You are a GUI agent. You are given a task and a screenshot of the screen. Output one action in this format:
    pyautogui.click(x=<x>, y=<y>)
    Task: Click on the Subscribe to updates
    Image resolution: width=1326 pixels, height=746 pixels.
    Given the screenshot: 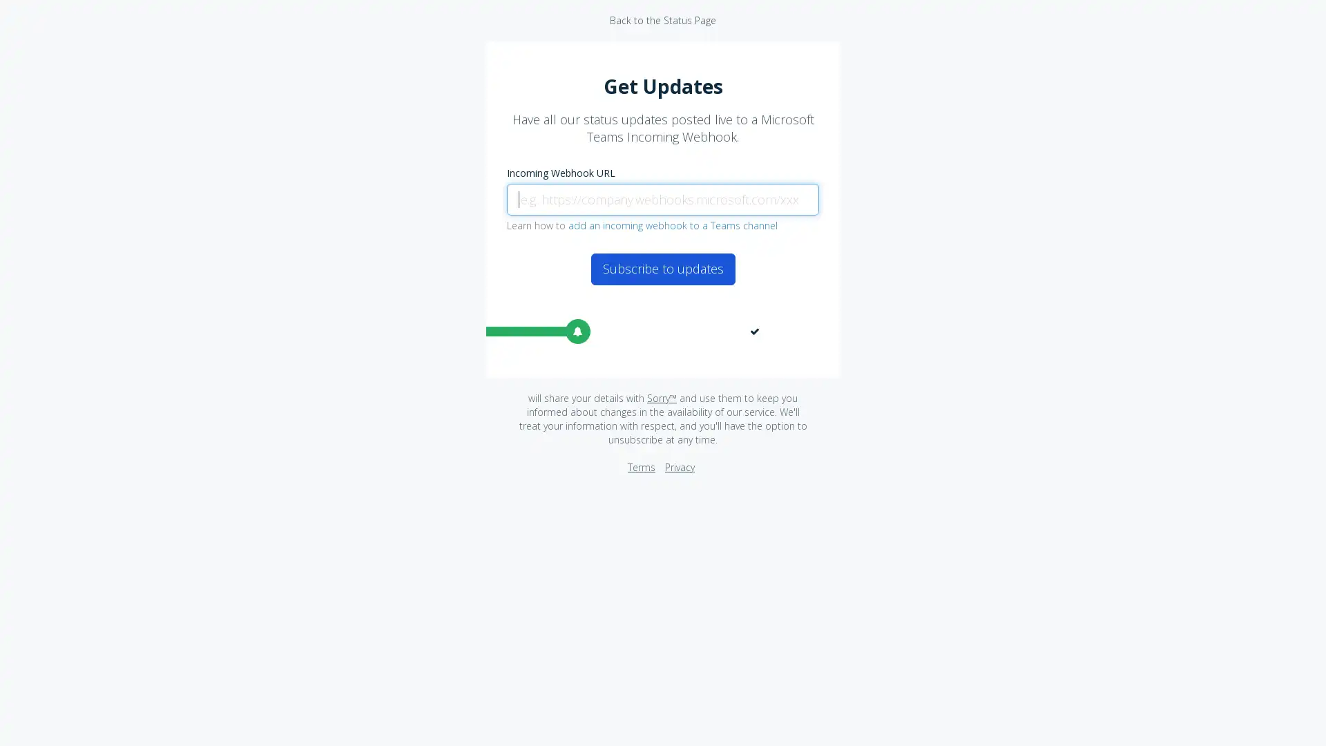 What is the action you would take?
    pyautogui.click(x=662, y=269)
    